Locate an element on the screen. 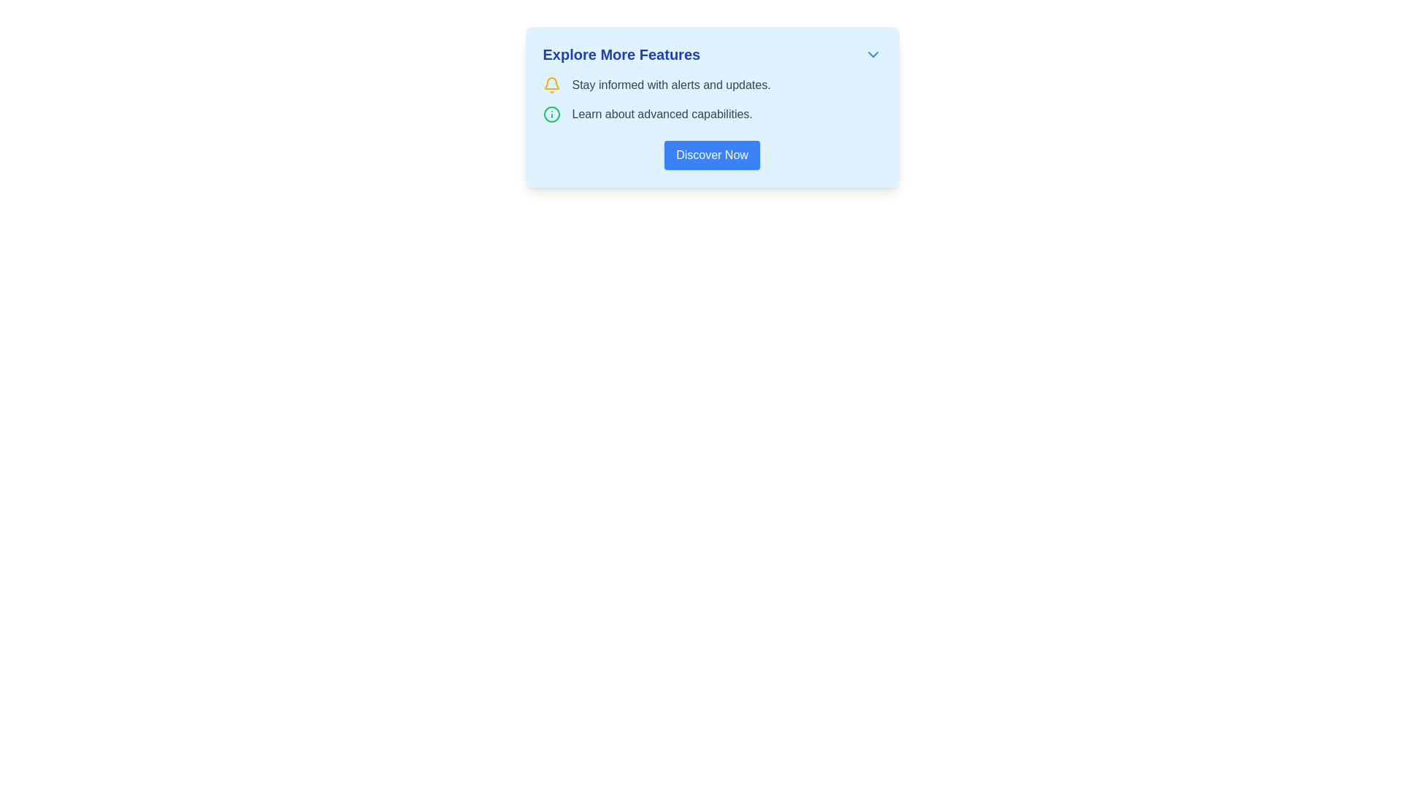 Image resolution: width=1402 pixels, height=788 pixels. the text heading that serves as a category heading for the section below, positioned on the left of an arrow icon is located at coordinates (621, 53).